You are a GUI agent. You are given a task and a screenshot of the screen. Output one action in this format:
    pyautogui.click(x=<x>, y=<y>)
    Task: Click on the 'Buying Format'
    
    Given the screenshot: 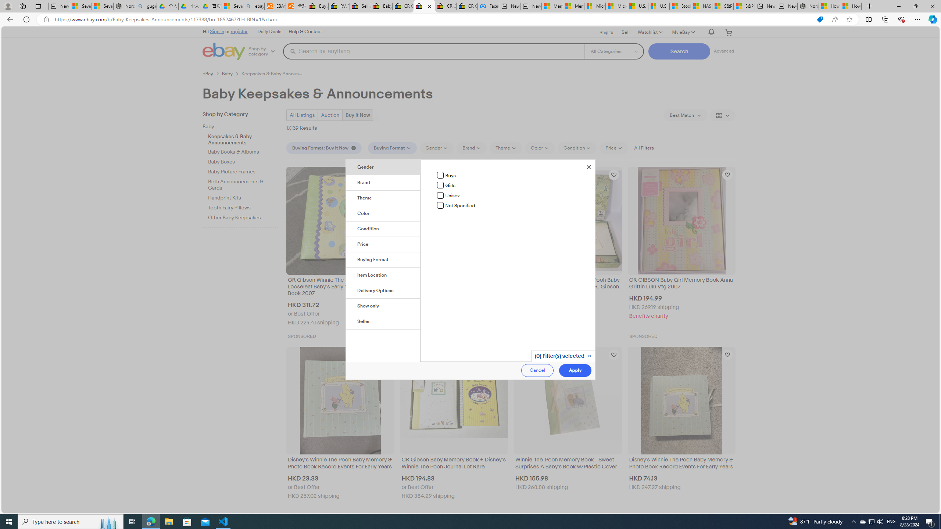 What is the action you would take?
    pyautogui.click(x=383, y=259)
    